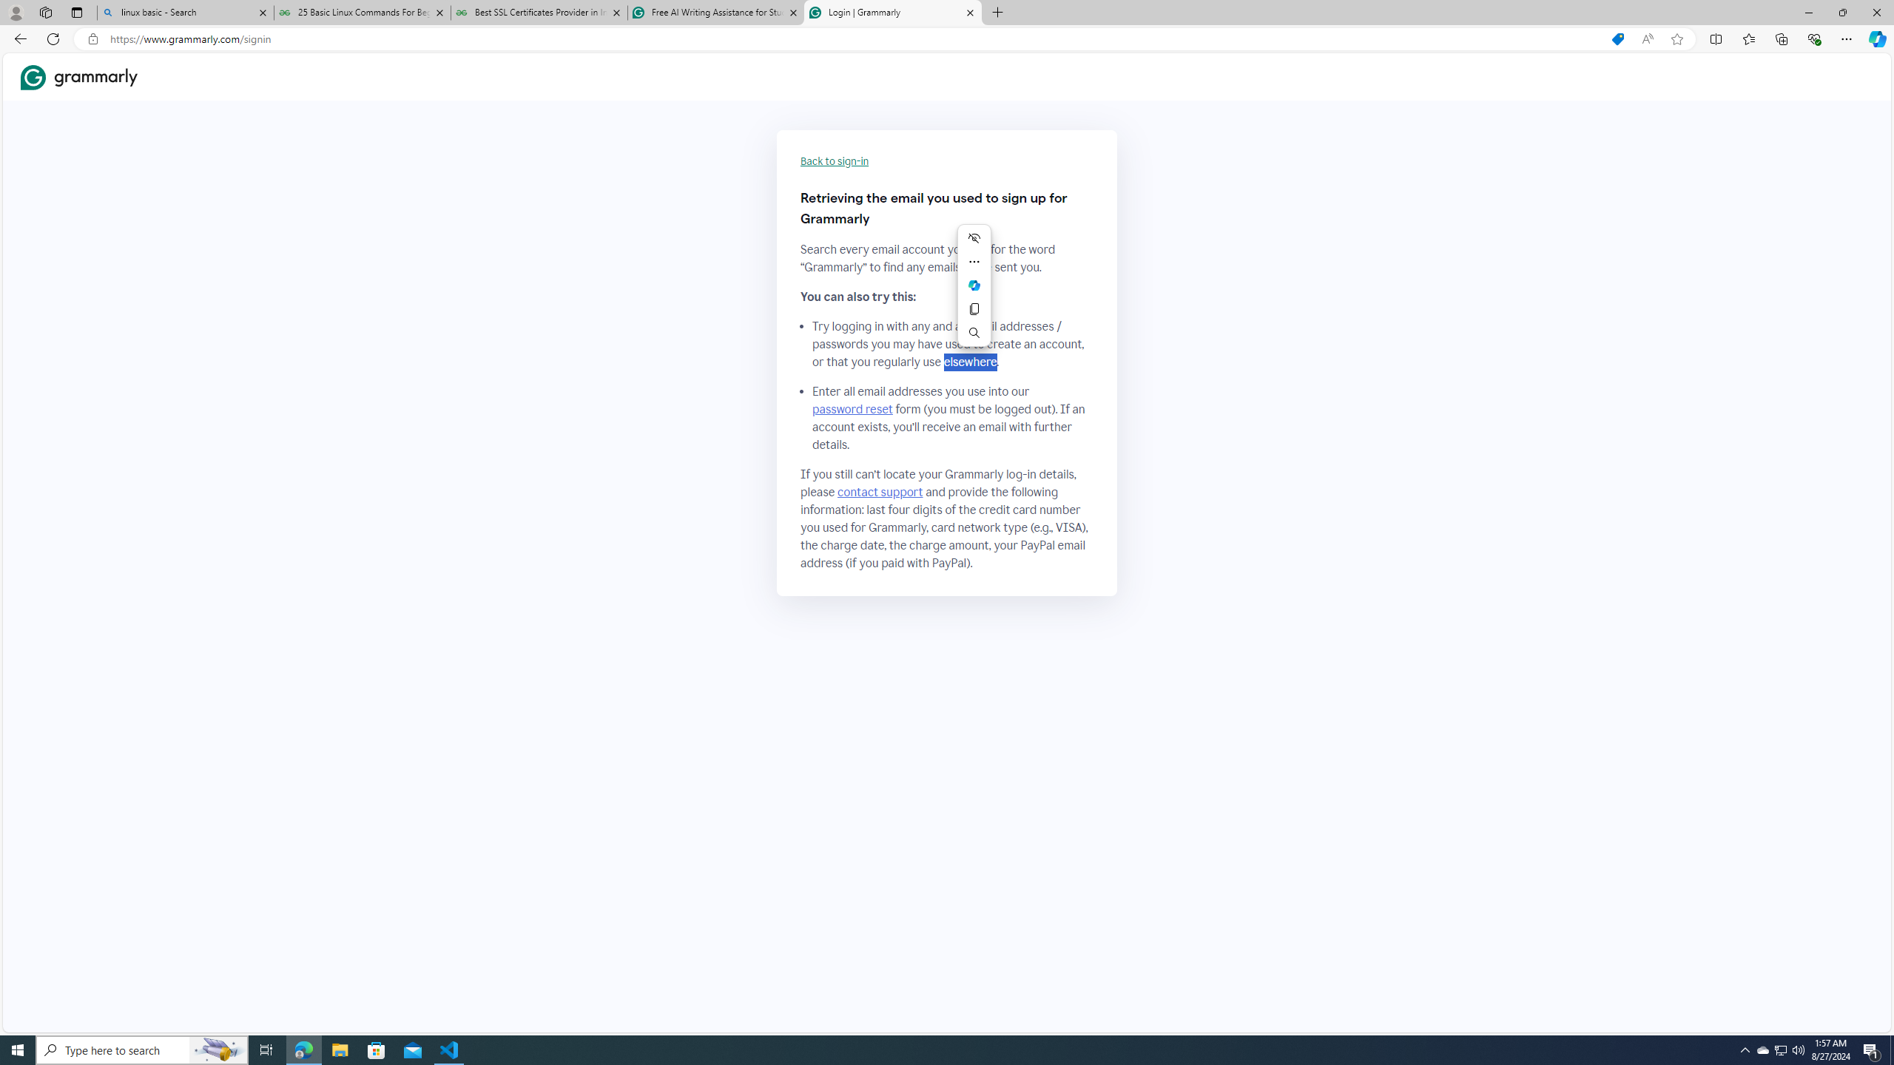 The image size is (1894, 1065). What do you see at coordinates (835, 161) in the screenshot?
I see `'Back to sign-in'` at bounding box center [835, 161].